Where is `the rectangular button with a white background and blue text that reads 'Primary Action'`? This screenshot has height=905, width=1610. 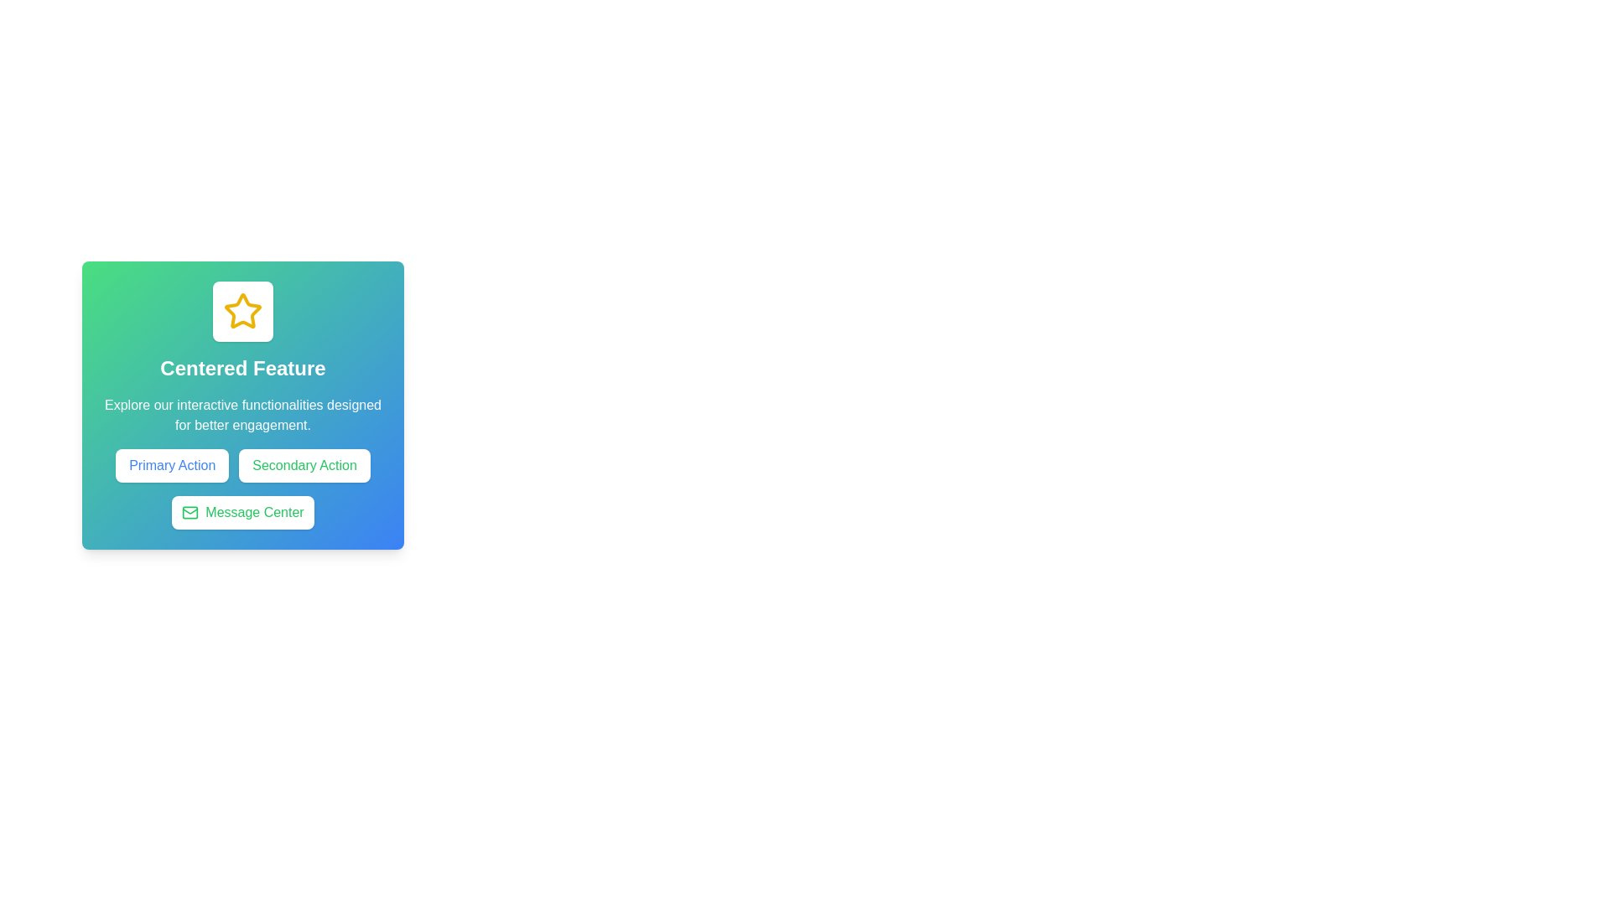 the rectangular button with a white background and blue text that reads 'Primary Action' is located at coordinates (172, 465).